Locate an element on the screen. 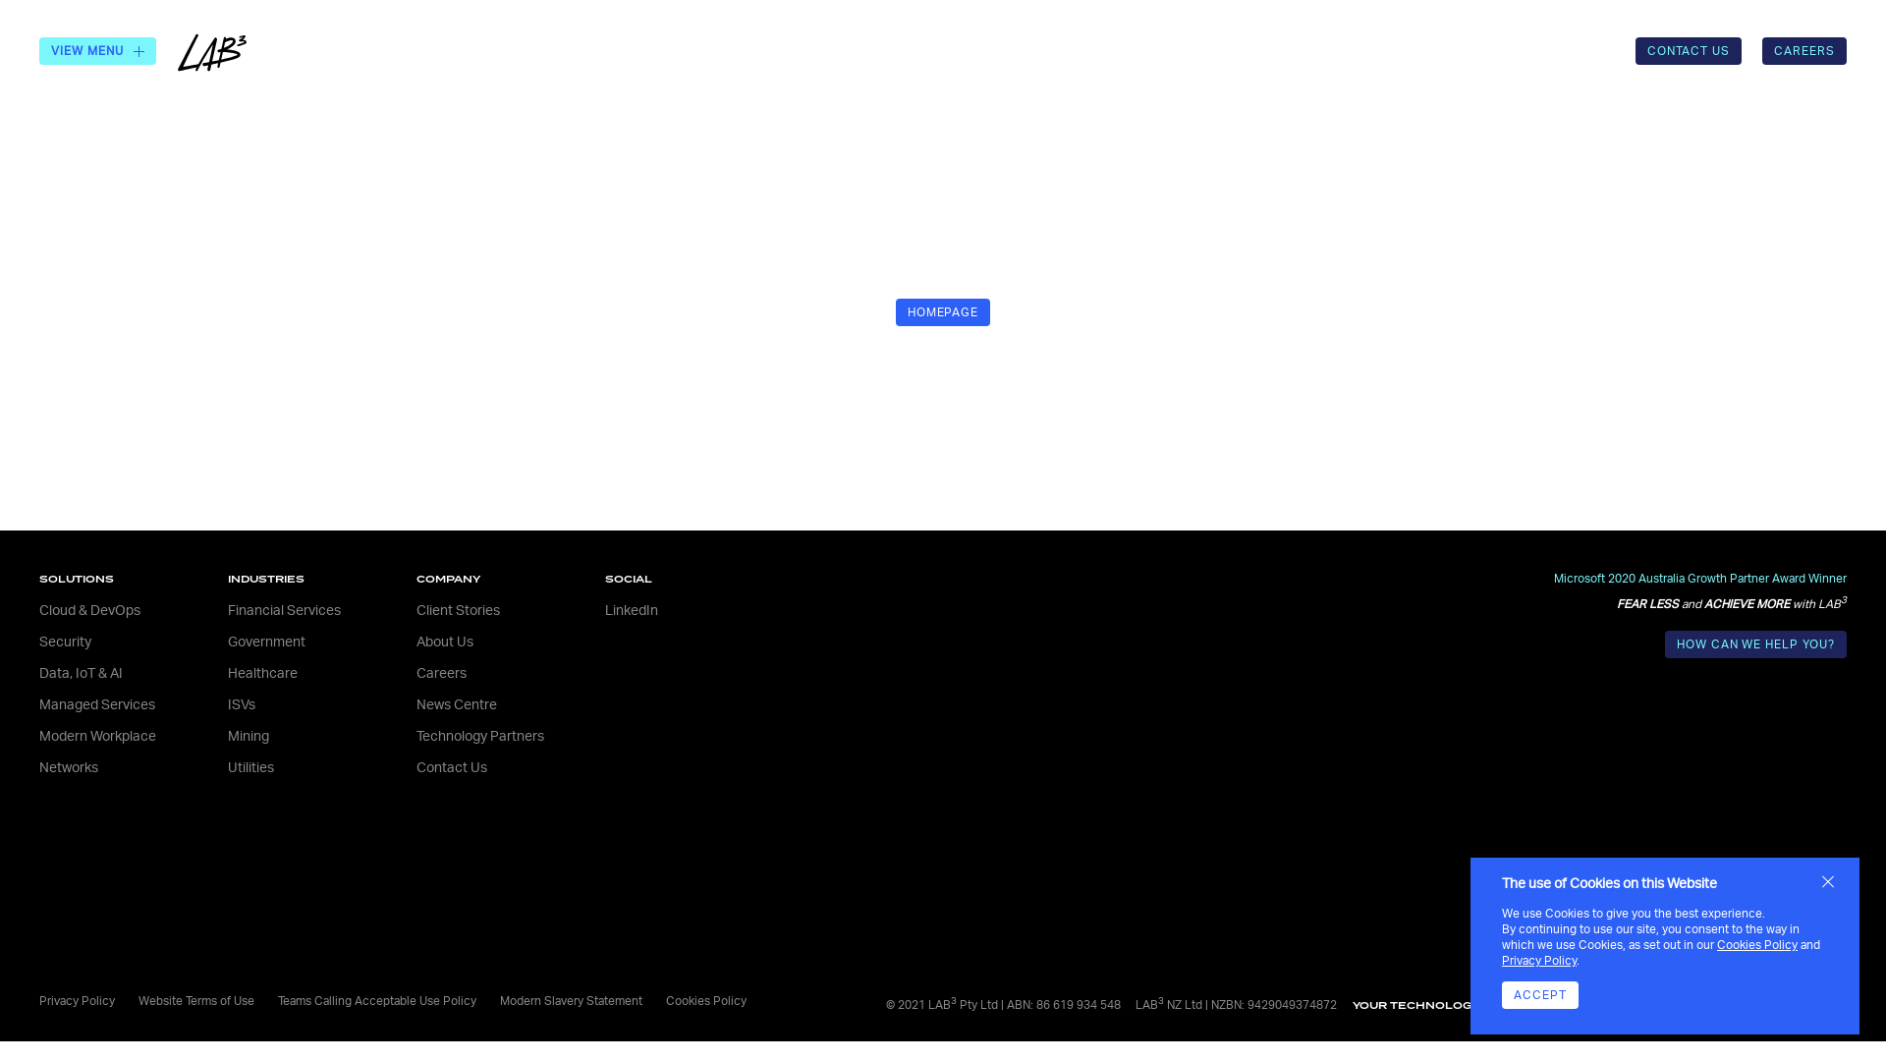 Image resolution: width=1886 pixels, height=1061 pixels. 'Data, IoT & AI' is located at coordinates (80, 673).